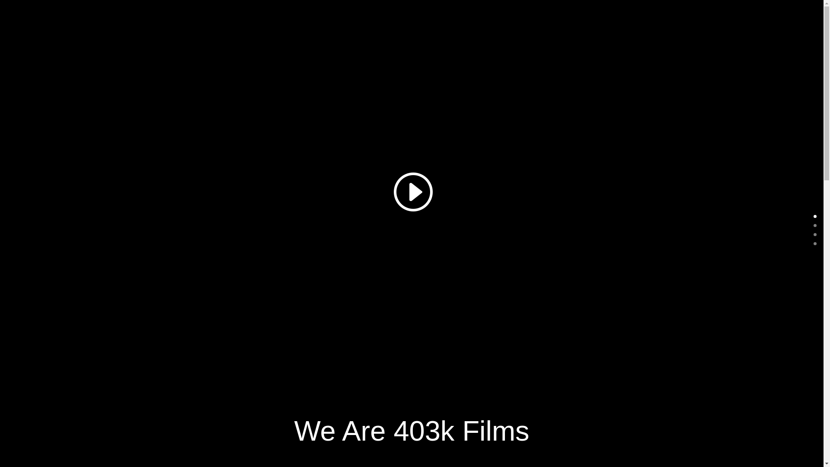 The height and width of the screenshot is (467, 830). I want to click on '1', so click(814, 225).